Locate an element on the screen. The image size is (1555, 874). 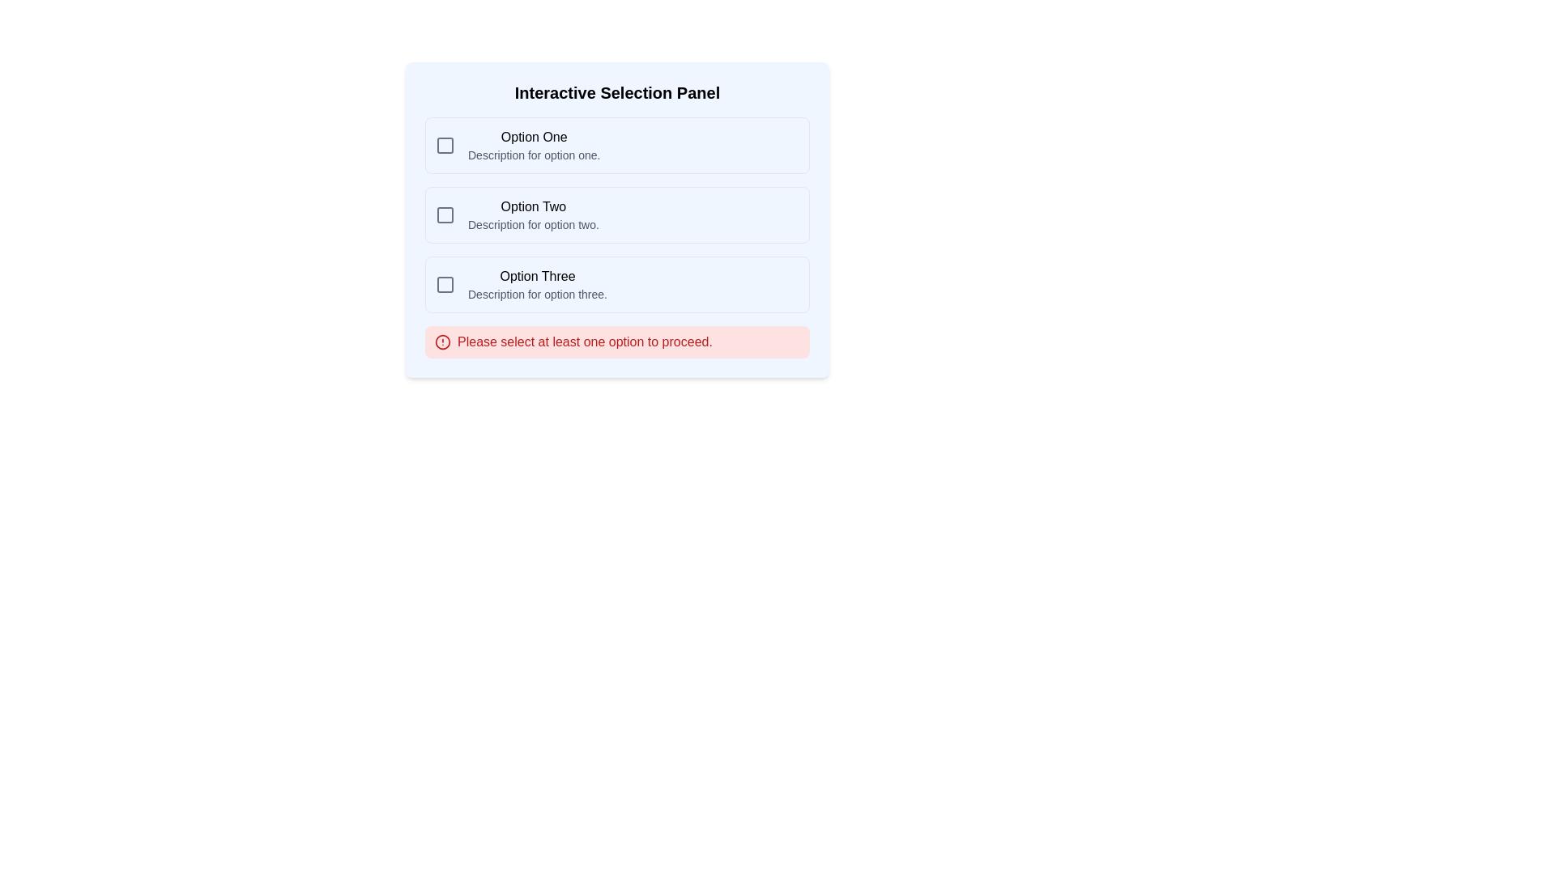
the checkbox located to the left of the label 'Option Two' is located at coordinates (445, 214).